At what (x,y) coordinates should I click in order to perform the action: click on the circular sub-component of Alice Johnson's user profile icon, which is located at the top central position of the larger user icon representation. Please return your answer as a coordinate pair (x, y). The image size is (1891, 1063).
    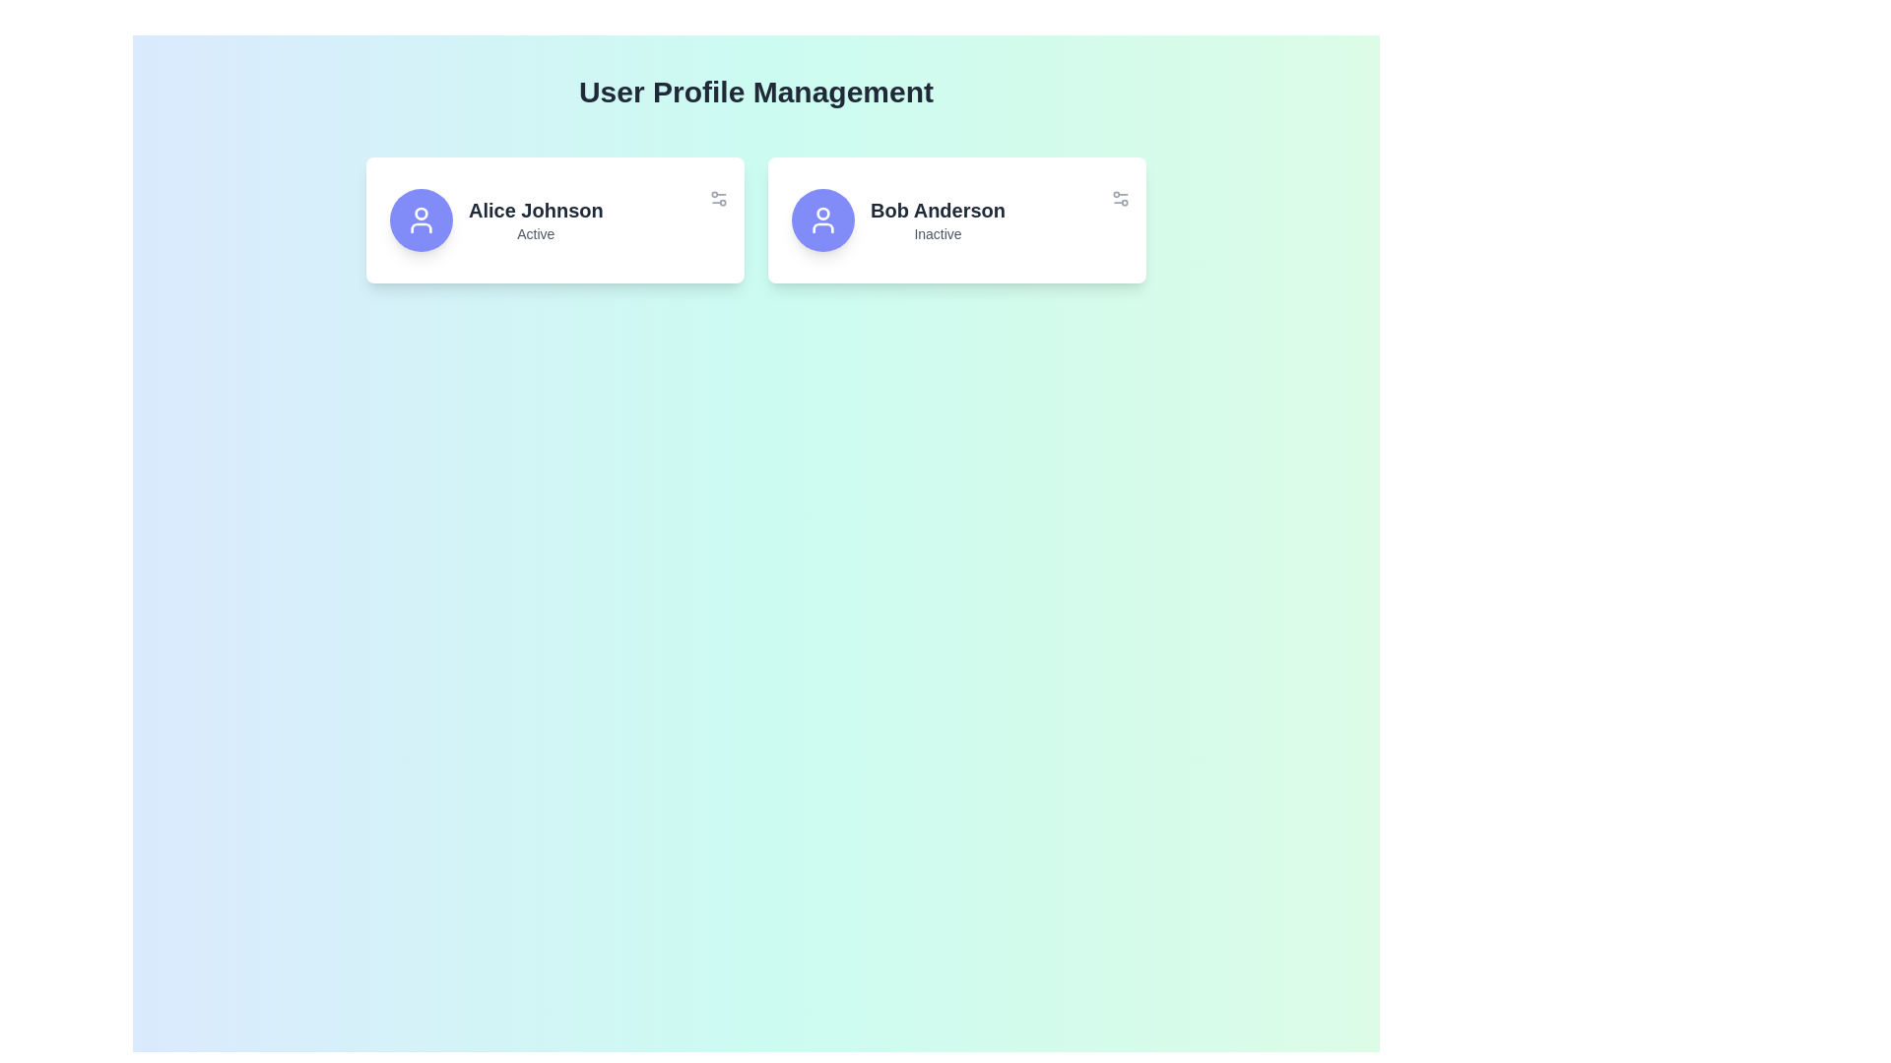
    Looking at the image, I should click on (420, 213).